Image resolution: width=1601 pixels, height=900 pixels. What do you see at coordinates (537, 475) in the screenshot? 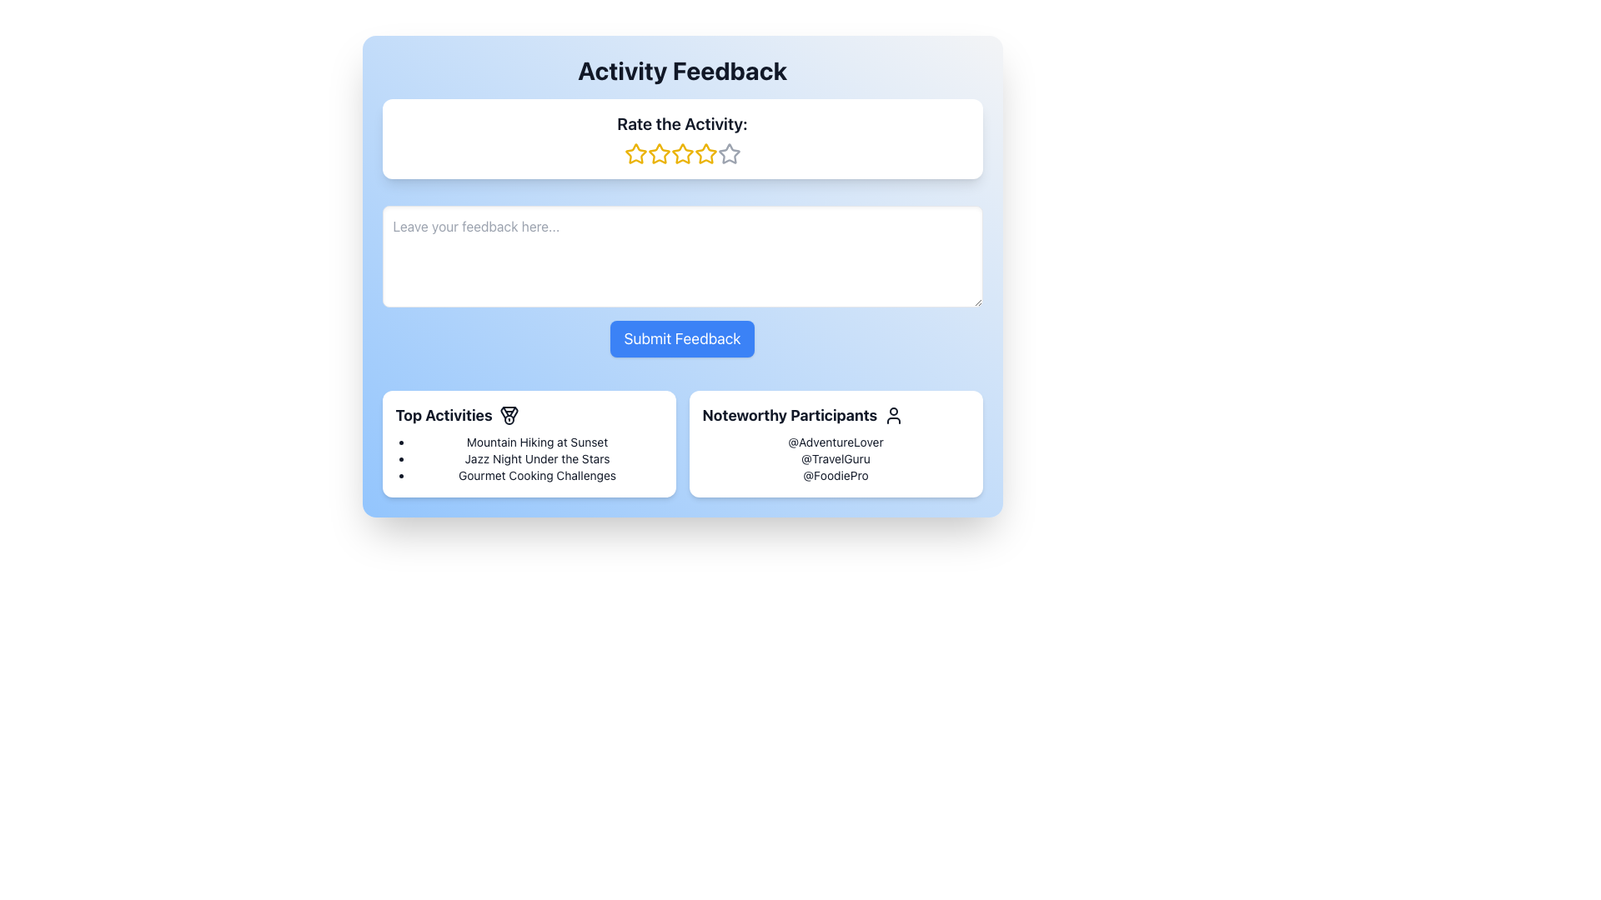
I see `the third text element in the bulleted list under 'Top Activities', which follows 'Mountain Hiking at Sunset' and 'Jazz Night Under the Stars'` at bounding box center [537, 475].